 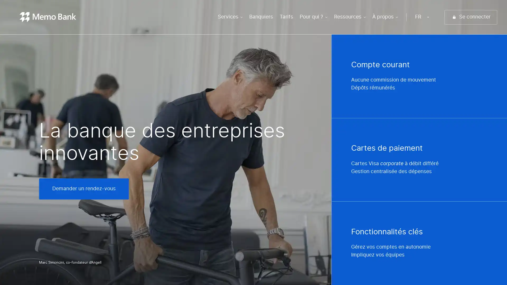 What do you see at coordinates (385, 17) in the screenshot?
I see `A propos` at bounding box center [385, 17].